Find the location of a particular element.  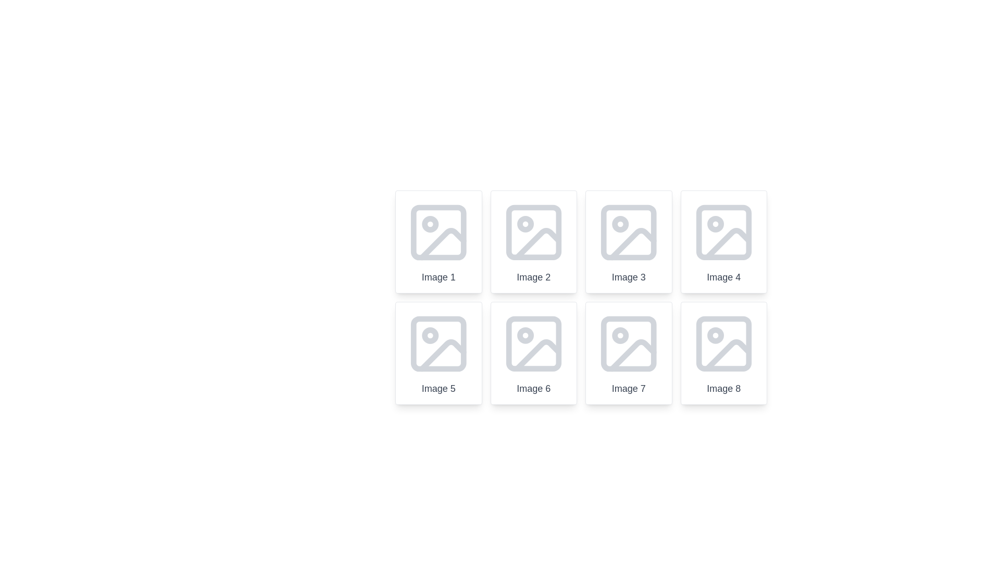

on the text label located directly below the 'Image 5' placeholder in the second row and first column of a 4x2 grid layout is located at coordinates (439, 389).